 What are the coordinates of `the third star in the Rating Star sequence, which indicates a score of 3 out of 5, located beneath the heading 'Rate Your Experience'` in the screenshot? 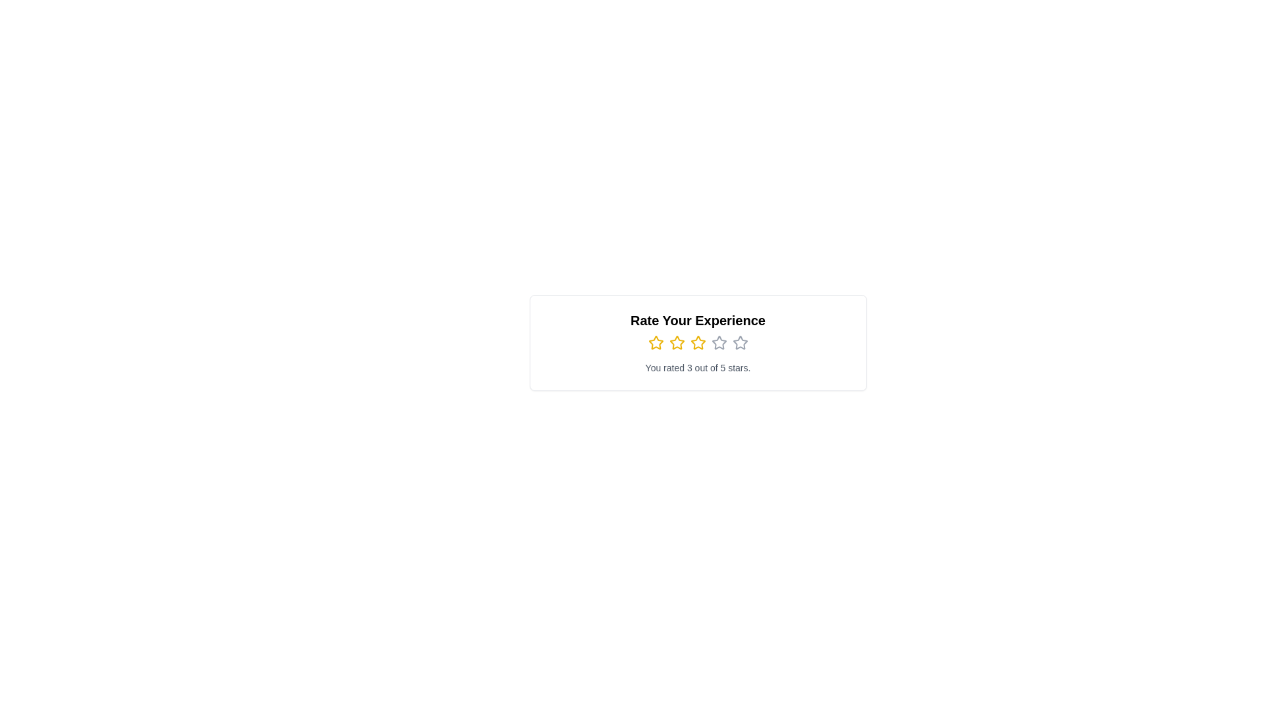 It's located at (697, 342).